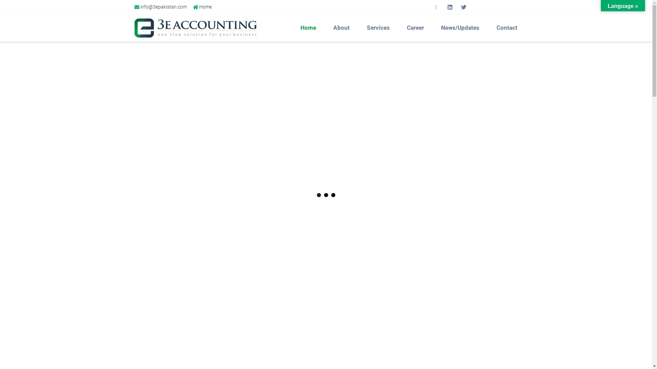 Image resolution: width=657 pixels, height=369 pixels. Describe the element at coordinates (202, 7) in the screenshot. I see `'Home'` at that location.